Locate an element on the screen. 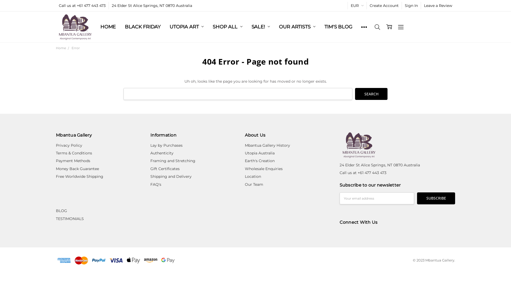 This screenshot has width=511, height=287. 'Subscribe' is located at coordinates (436, 198).